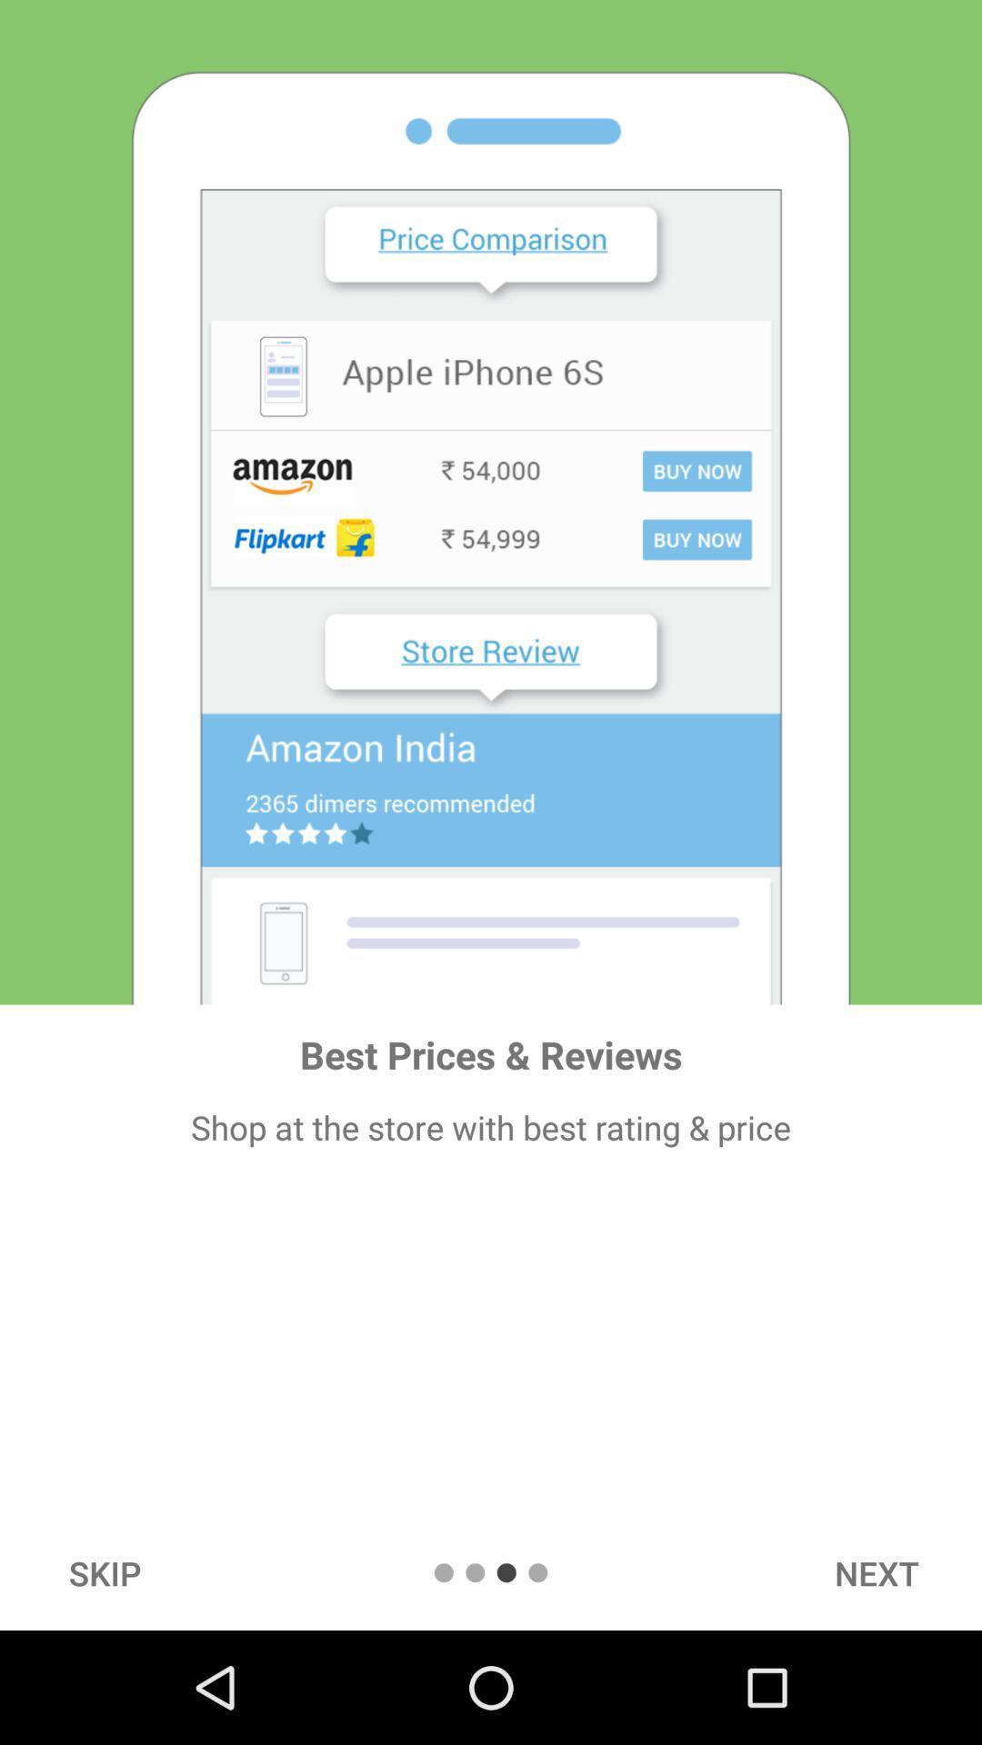 The height and width of the screenshot is (1745, 982). Describe the element at coordinates (105, 1572) in the screenshot. I see `icon at the bottom left corner` at that location.